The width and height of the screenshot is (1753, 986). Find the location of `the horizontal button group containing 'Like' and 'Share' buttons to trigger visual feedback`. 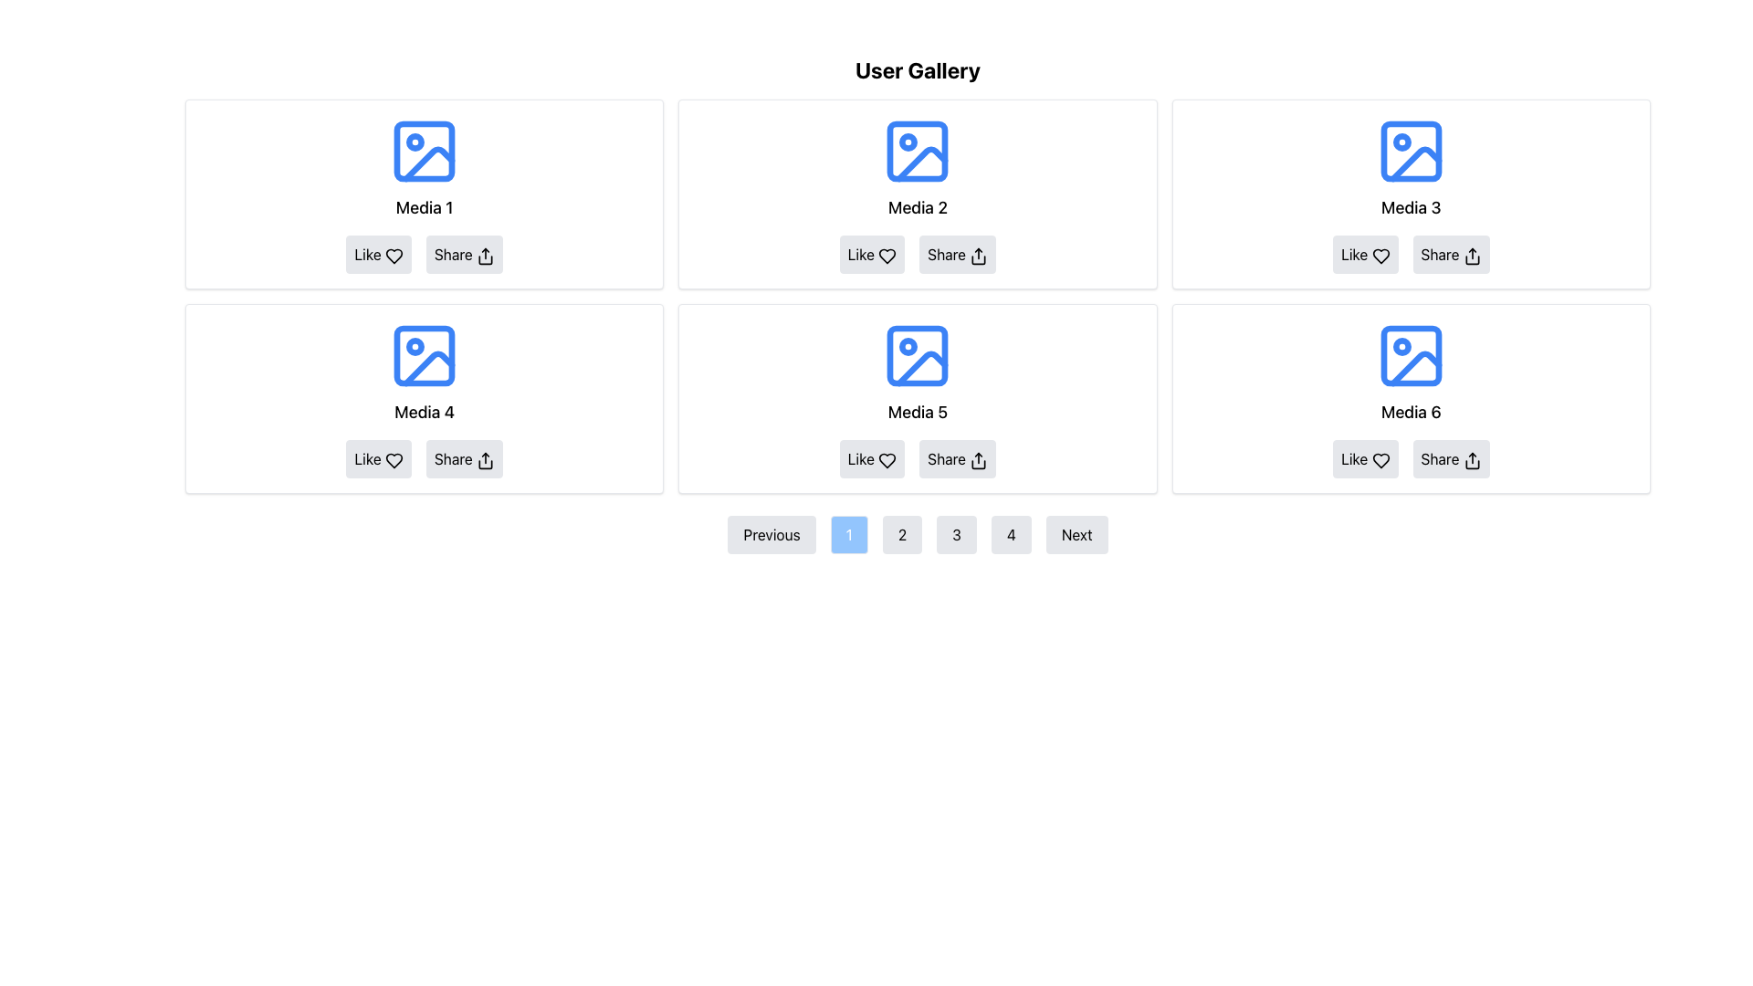

the horizontal button group containing 'Like' and 'Share' buttons to trigger visual feedback is located at coordinates (918, 457).